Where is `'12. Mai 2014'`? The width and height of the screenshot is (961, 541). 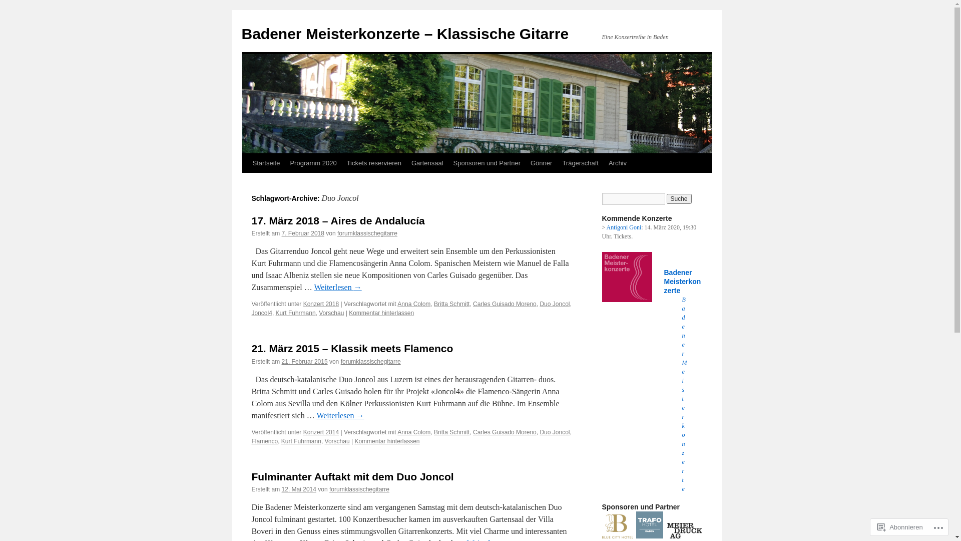 '12. Mai 2014' is located at coordinates (298, 488).